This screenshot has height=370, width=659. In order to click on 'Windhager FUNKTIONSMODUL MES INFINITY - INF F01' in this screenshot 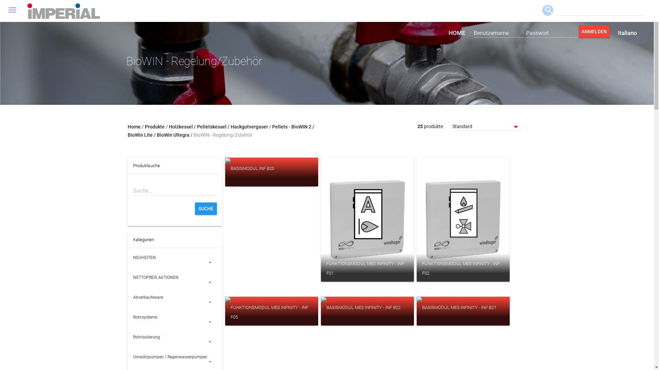, I will do `click(367, 219)`.